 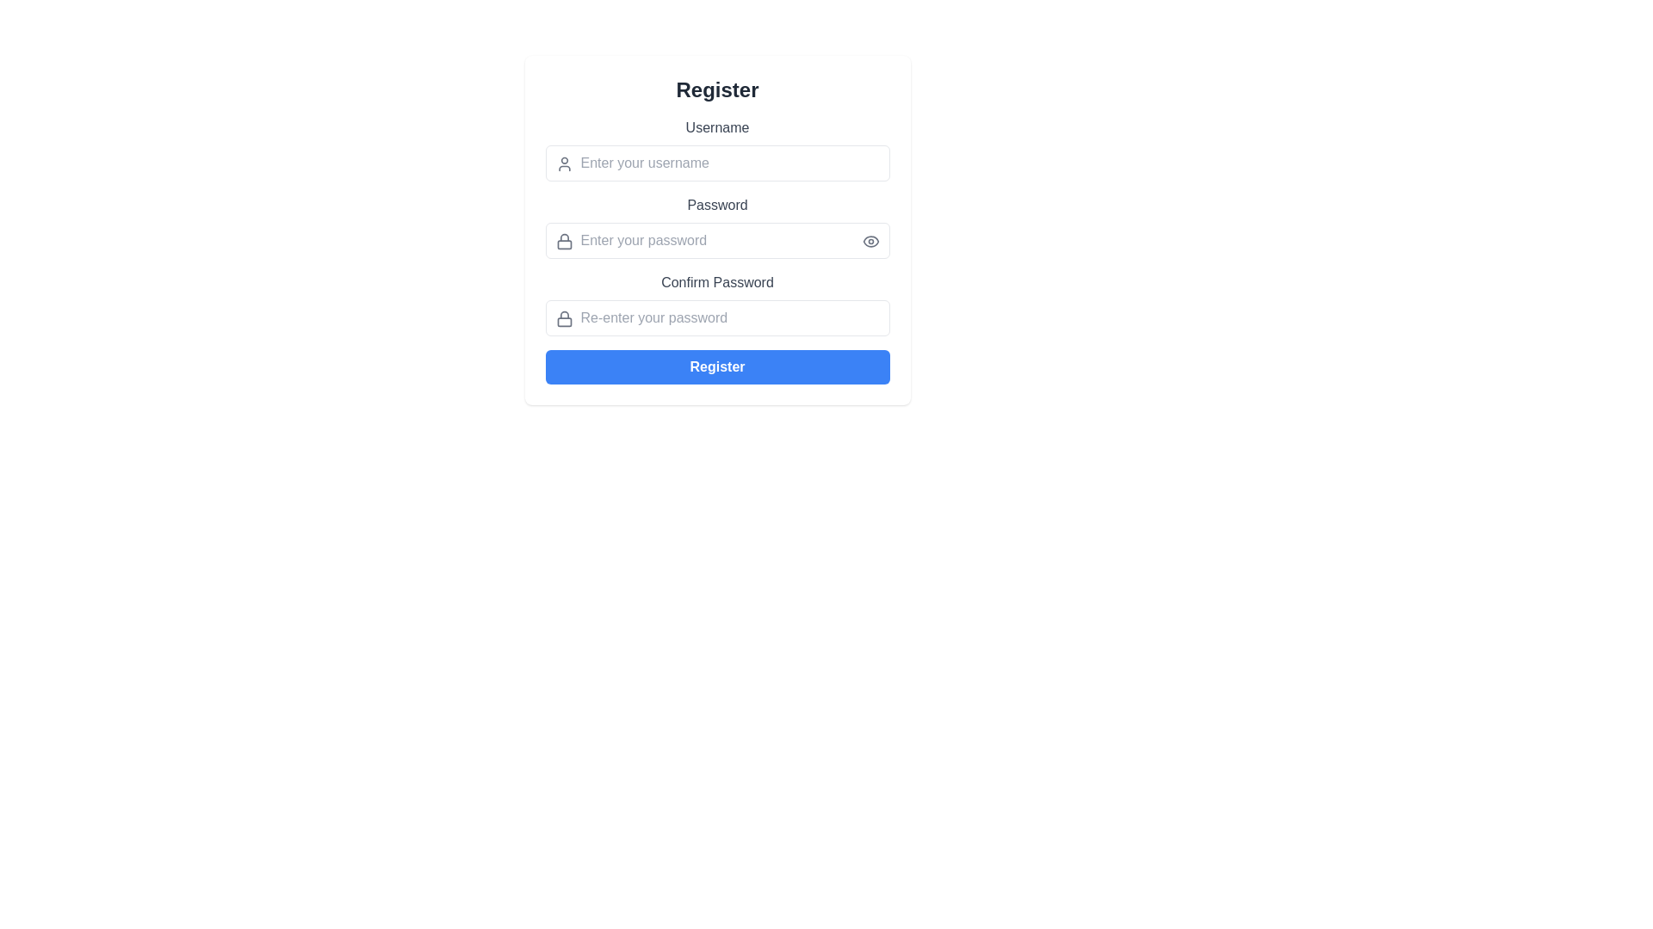 I want to click on the 'Register' button, which is a rectangular button with a blue background and white text, located below the 'Confirm Password' field in the registration form, so click(x=717, y=366).